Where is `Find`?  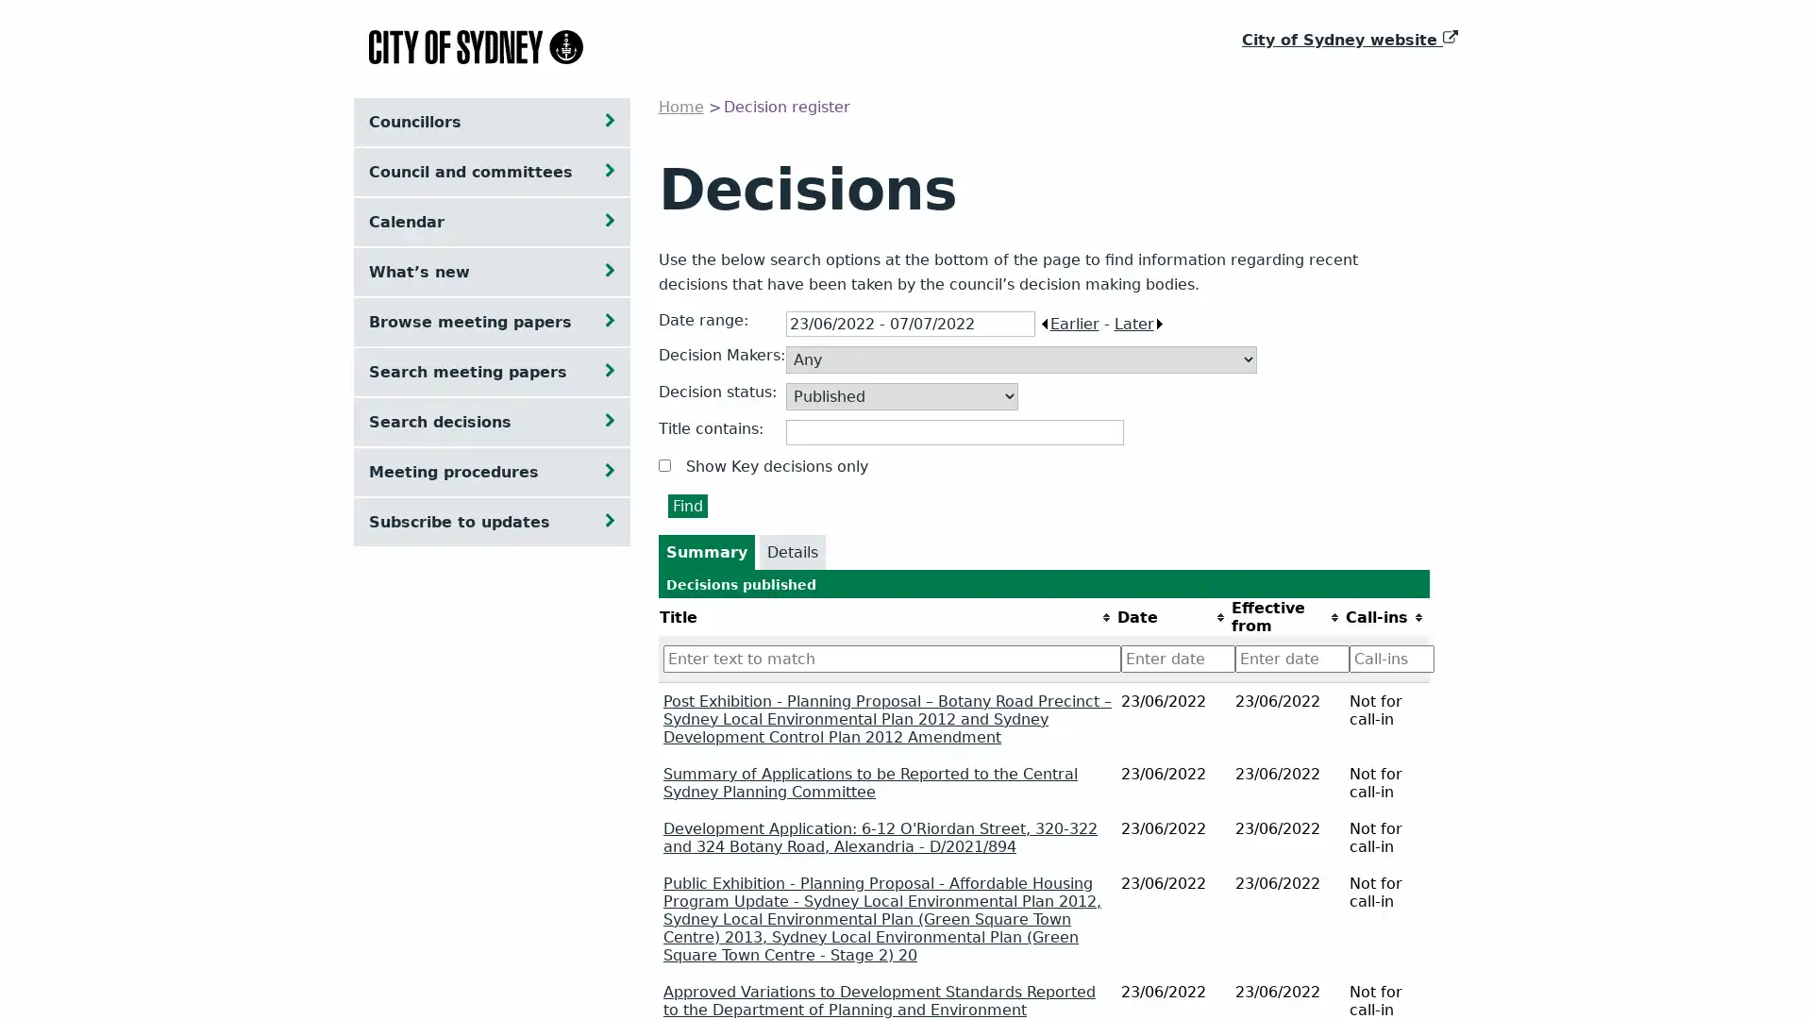 Find is located at coordinates (686, 504).